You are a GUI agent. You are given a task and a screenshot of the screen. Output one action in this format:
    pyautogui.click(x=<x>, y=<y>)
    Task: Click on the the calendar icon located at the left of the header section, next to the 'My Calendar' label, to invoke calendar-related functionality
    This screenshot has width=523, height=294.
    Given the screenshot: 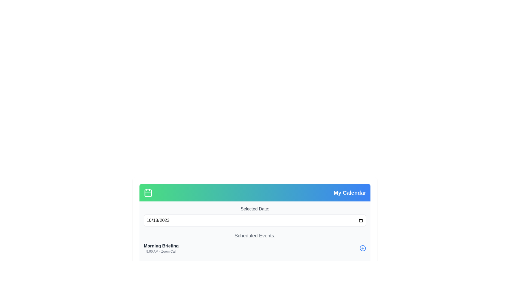 What is the action you would take?
    pyautogui.click(x=148, y=192)
    